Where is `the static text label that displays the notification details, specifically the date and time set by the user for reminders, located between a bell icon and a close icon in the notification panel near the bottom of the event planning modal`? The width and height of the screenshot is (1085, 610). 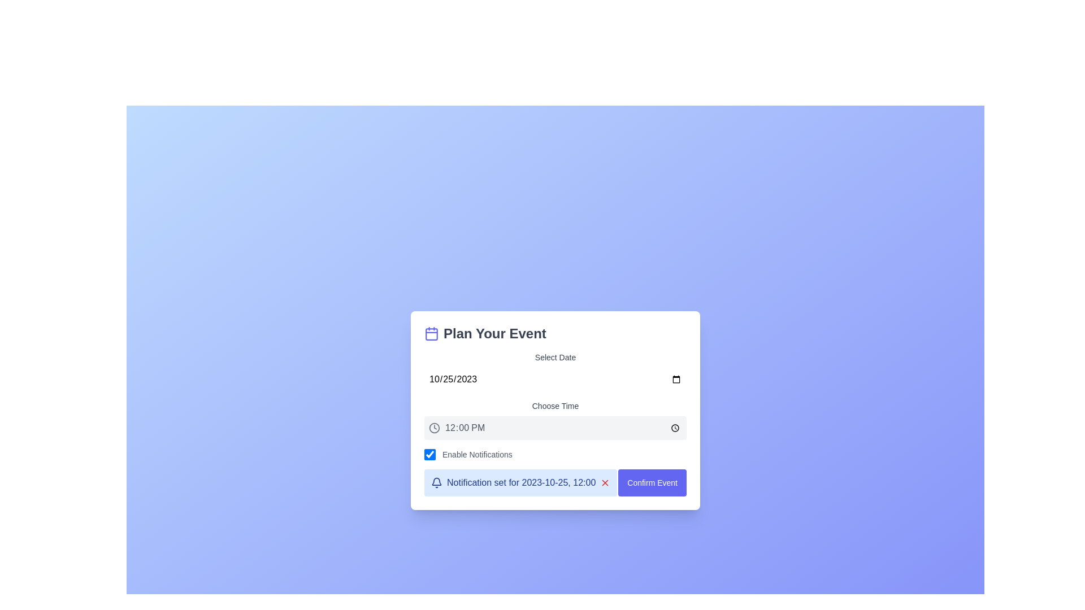 the static text label that displays the notification details, specifically the date and time set by the user for reminders, located between a bell icon and a close icon in the notification panel near the bottom of the event planning modal is located at coordinates (520, 483).